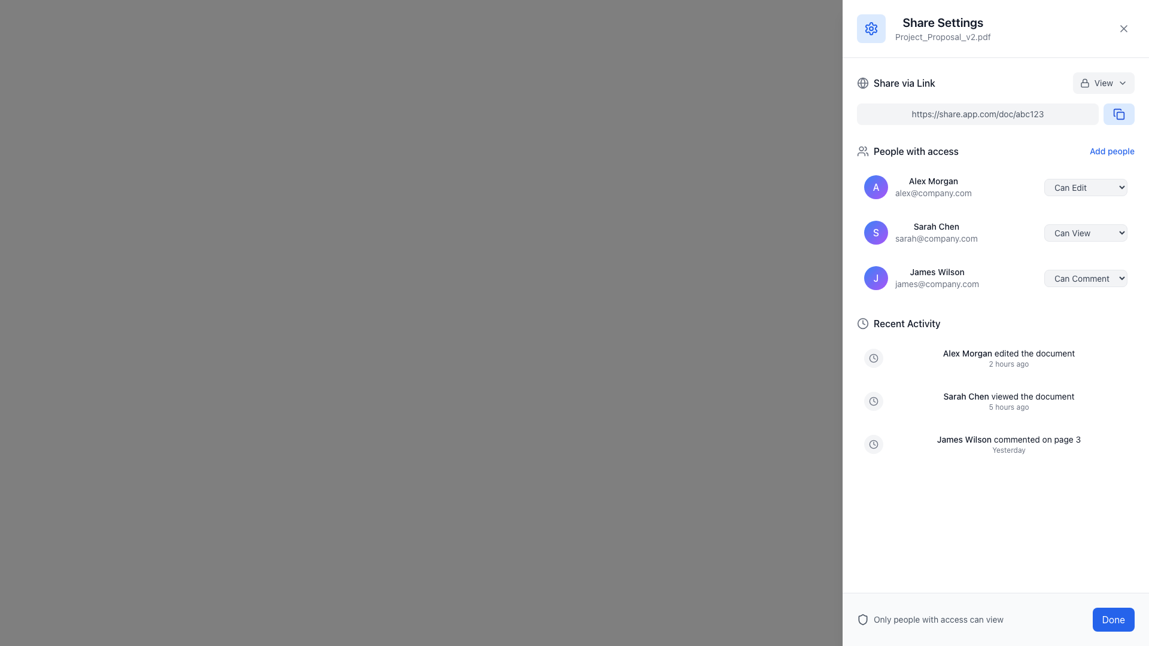 This screenshot has height=646, width=1149. I want to click on the Profile badge featuring a circular gradient background with a bold 'J', so click(876, 278).